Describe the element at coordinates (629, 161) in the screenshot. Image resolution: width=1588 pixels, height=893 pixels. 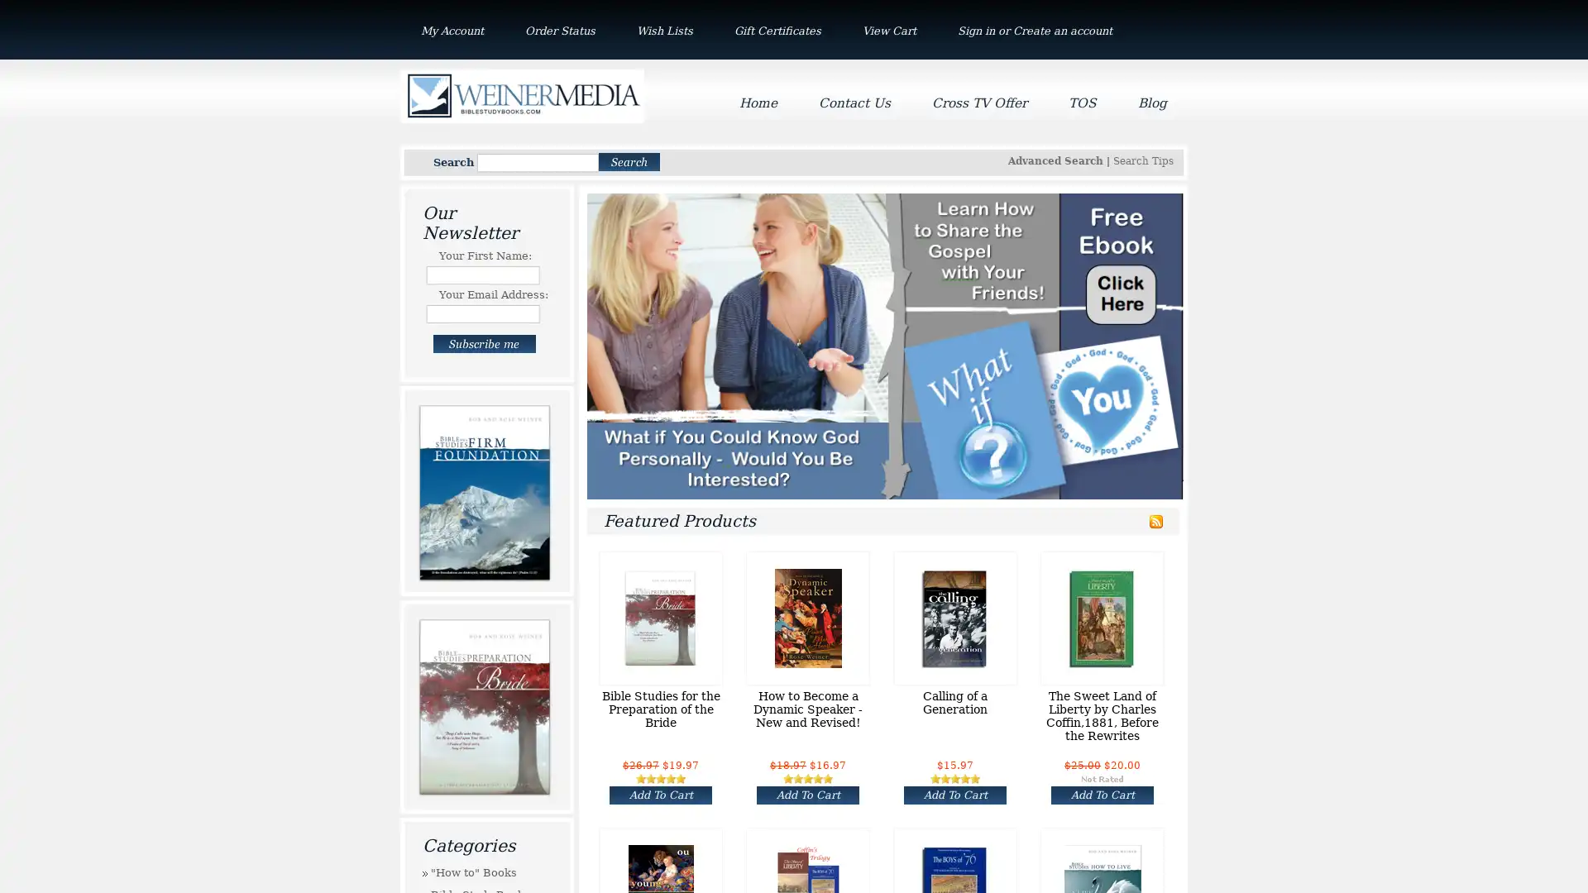
I see `Submit` at that location.